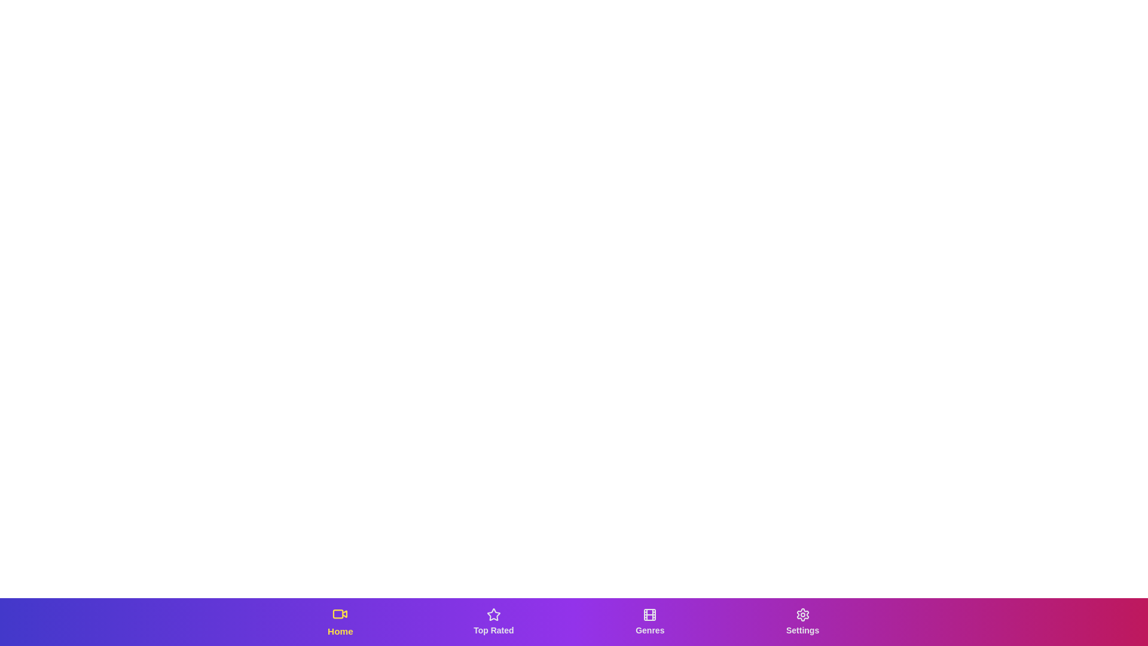 The height and width of the screenshot is (646, 1148). Describe the element at coordinates (493, 621) in the screenshot. I see `the Top Rated tab to preview its effect` at that location.